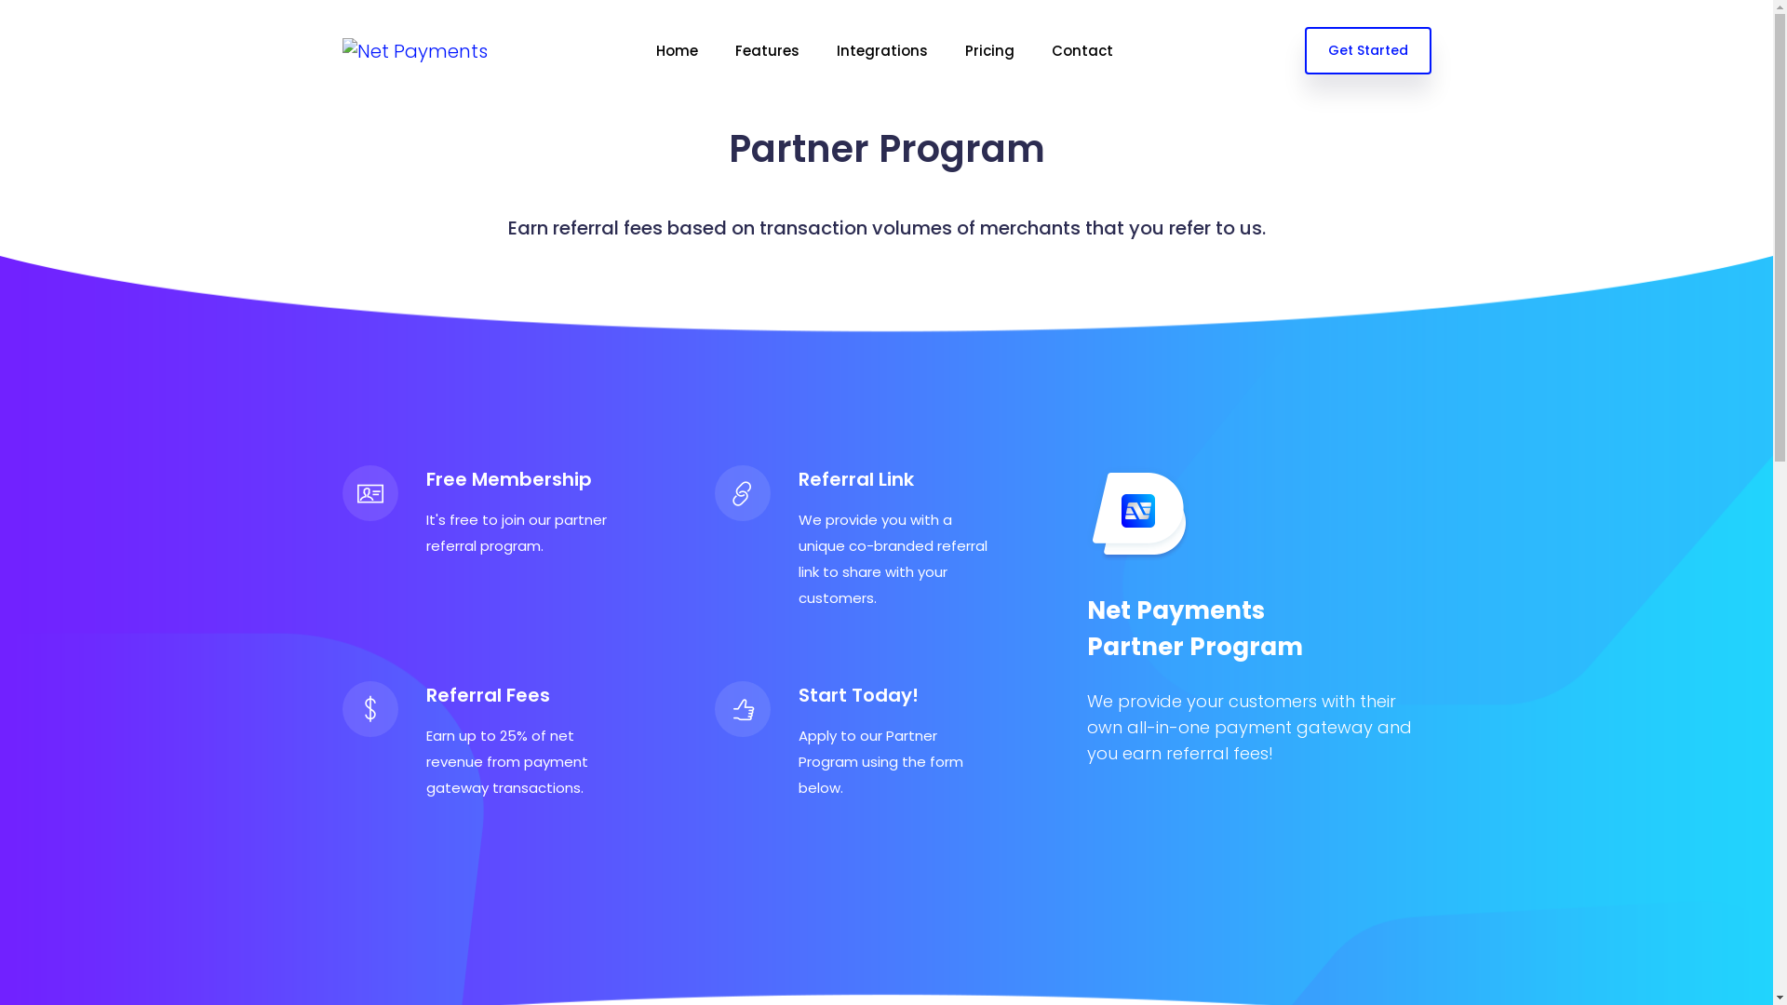  I want to click on 'Pricing', so click(988, 49).